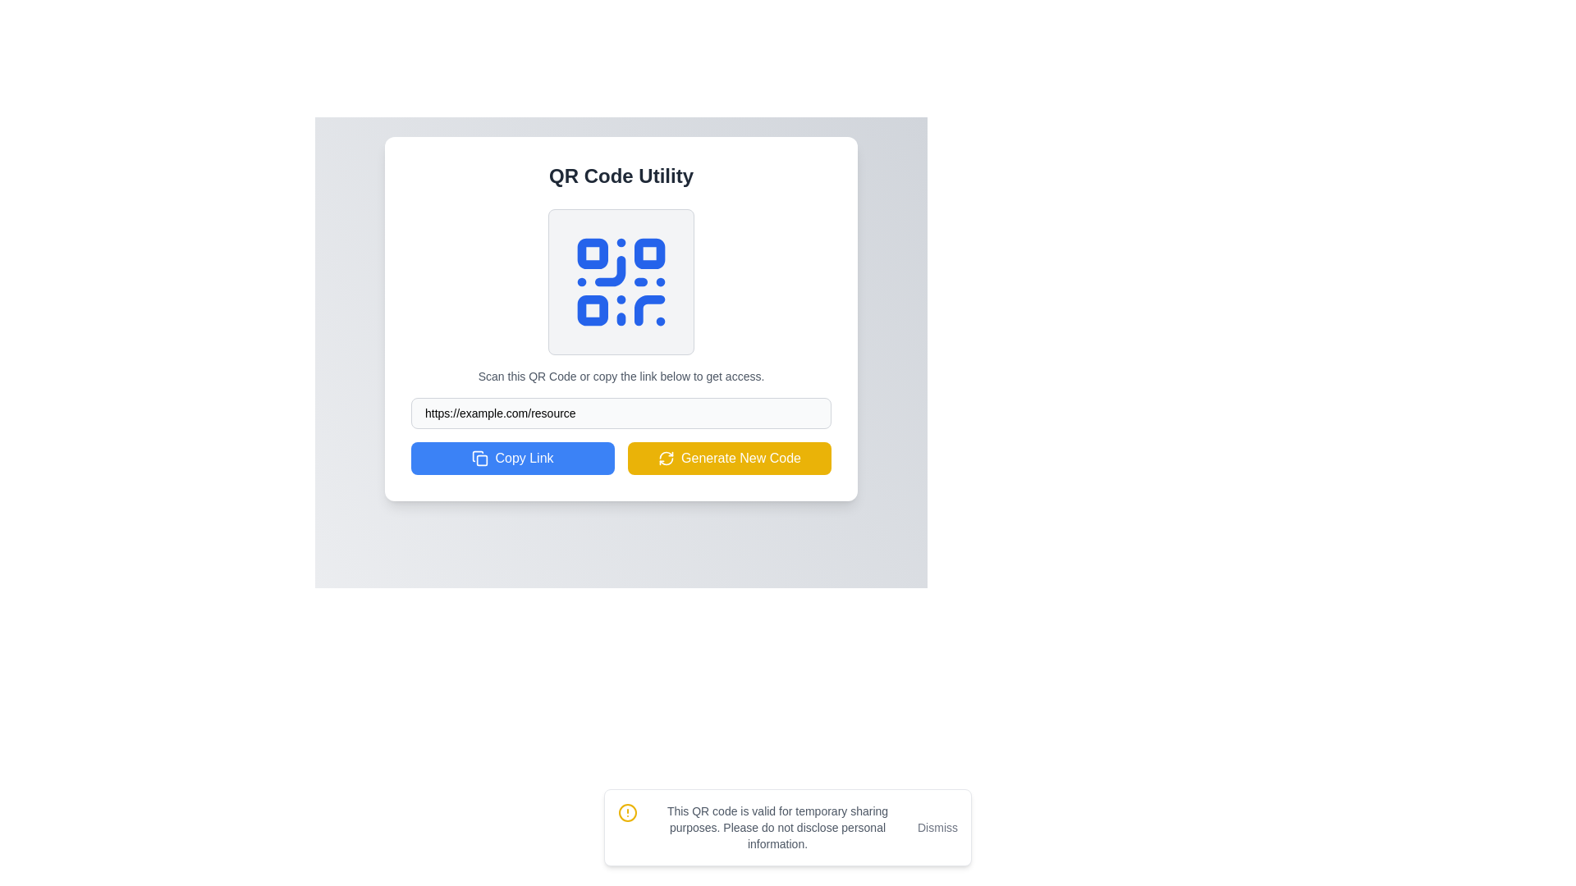  I want to click on the button located at the bottom right of the 'QR Code Utility' panel, so click(728, 459).